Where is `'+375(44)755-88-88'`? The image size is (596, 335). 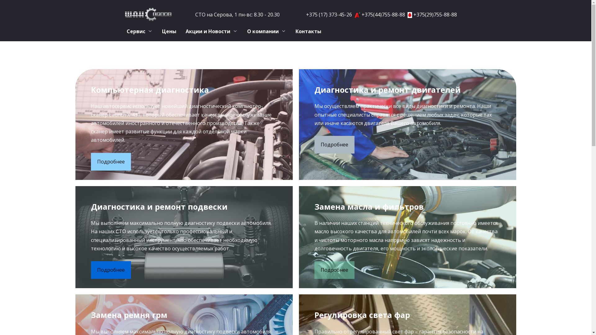 '+375(44)755-88-88' is located at coordinates (383, 14).